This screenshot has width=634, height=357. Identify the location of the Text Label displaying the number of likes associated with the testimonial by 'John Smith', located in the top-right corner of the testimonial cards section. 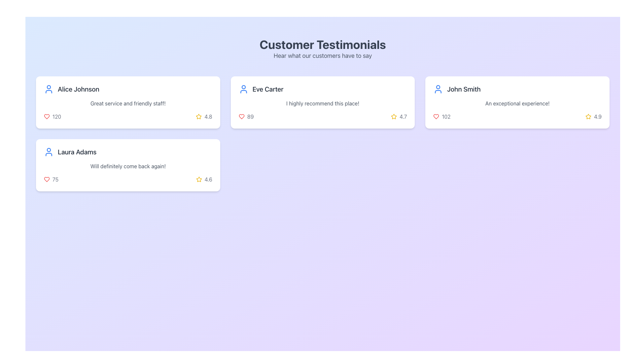
(446, 116).